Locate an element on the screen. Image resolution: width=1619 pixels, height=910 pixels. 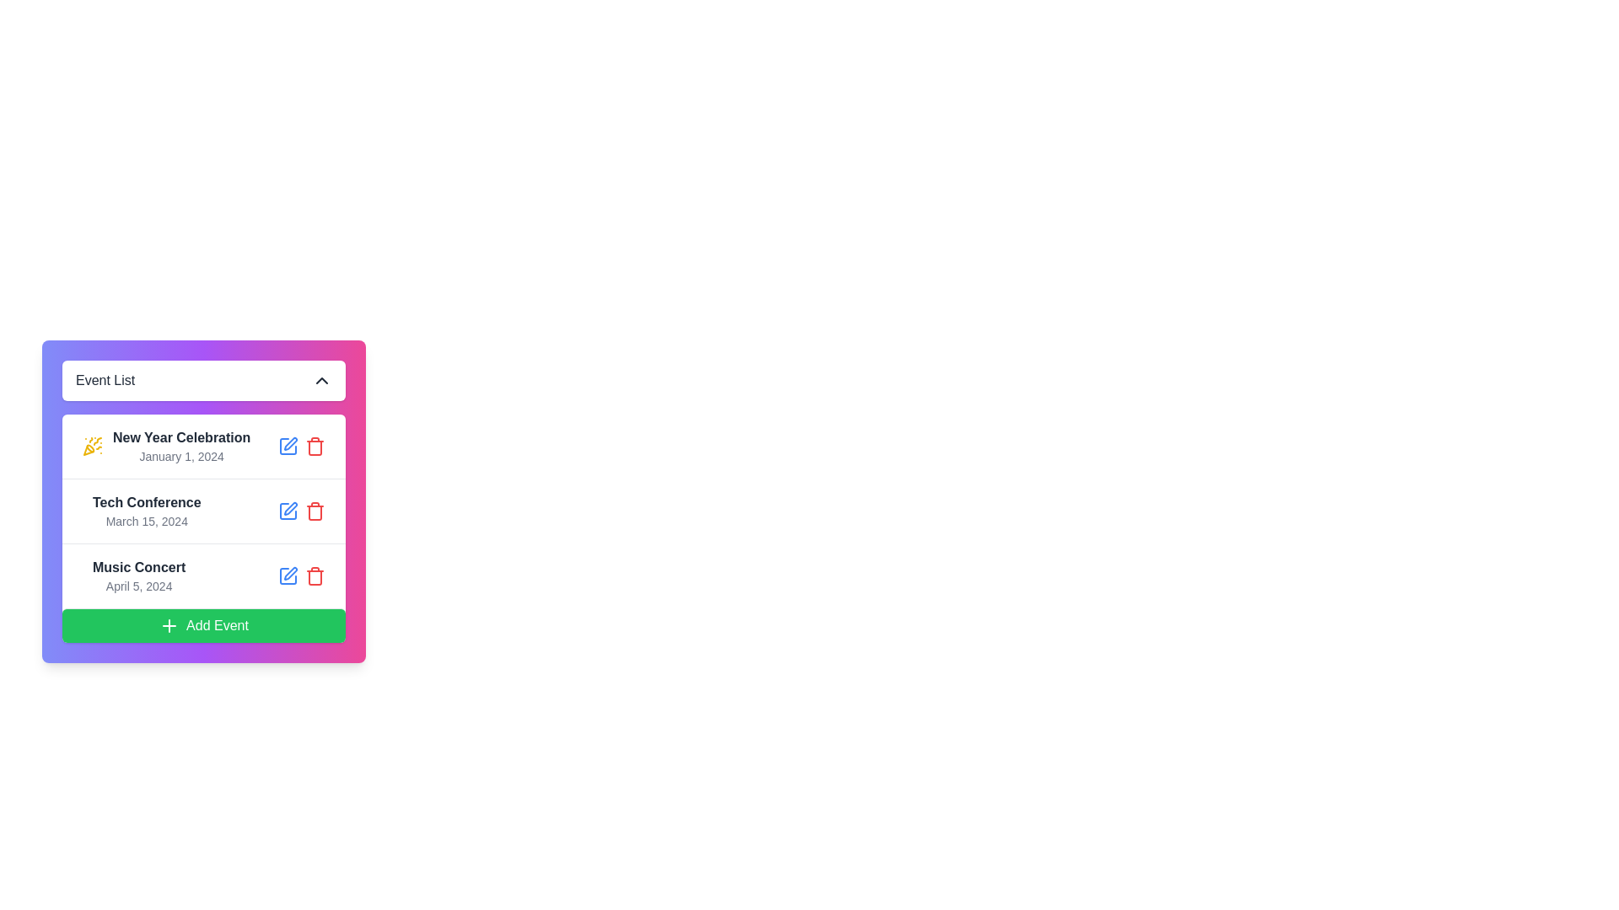
the third visible entry in the 'Event List' section that displays details about an event, specifically its name and date is located at coordinates (133, 575).